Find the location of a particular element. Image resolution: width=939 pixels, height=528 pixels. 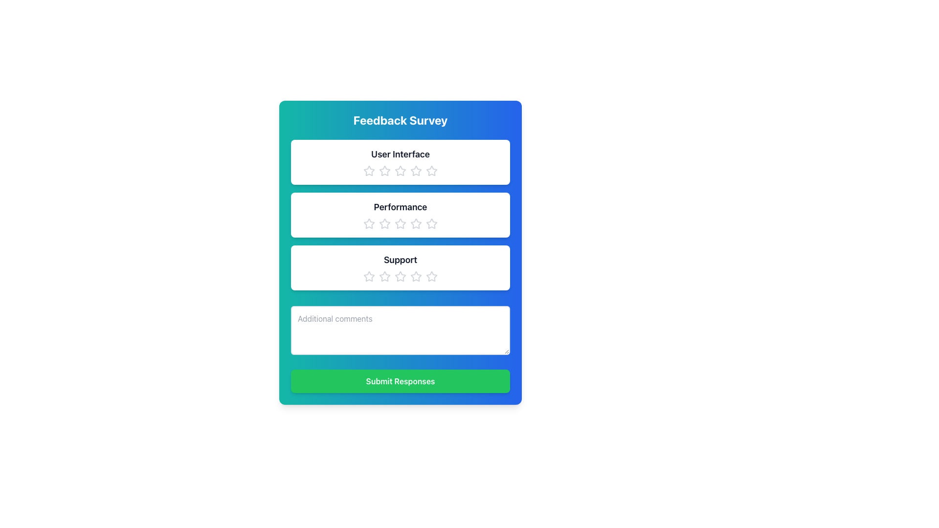

the interactive star icons in the rating component located under the 'Performance' heading to provide a rating is located at coordinates (401, 224).